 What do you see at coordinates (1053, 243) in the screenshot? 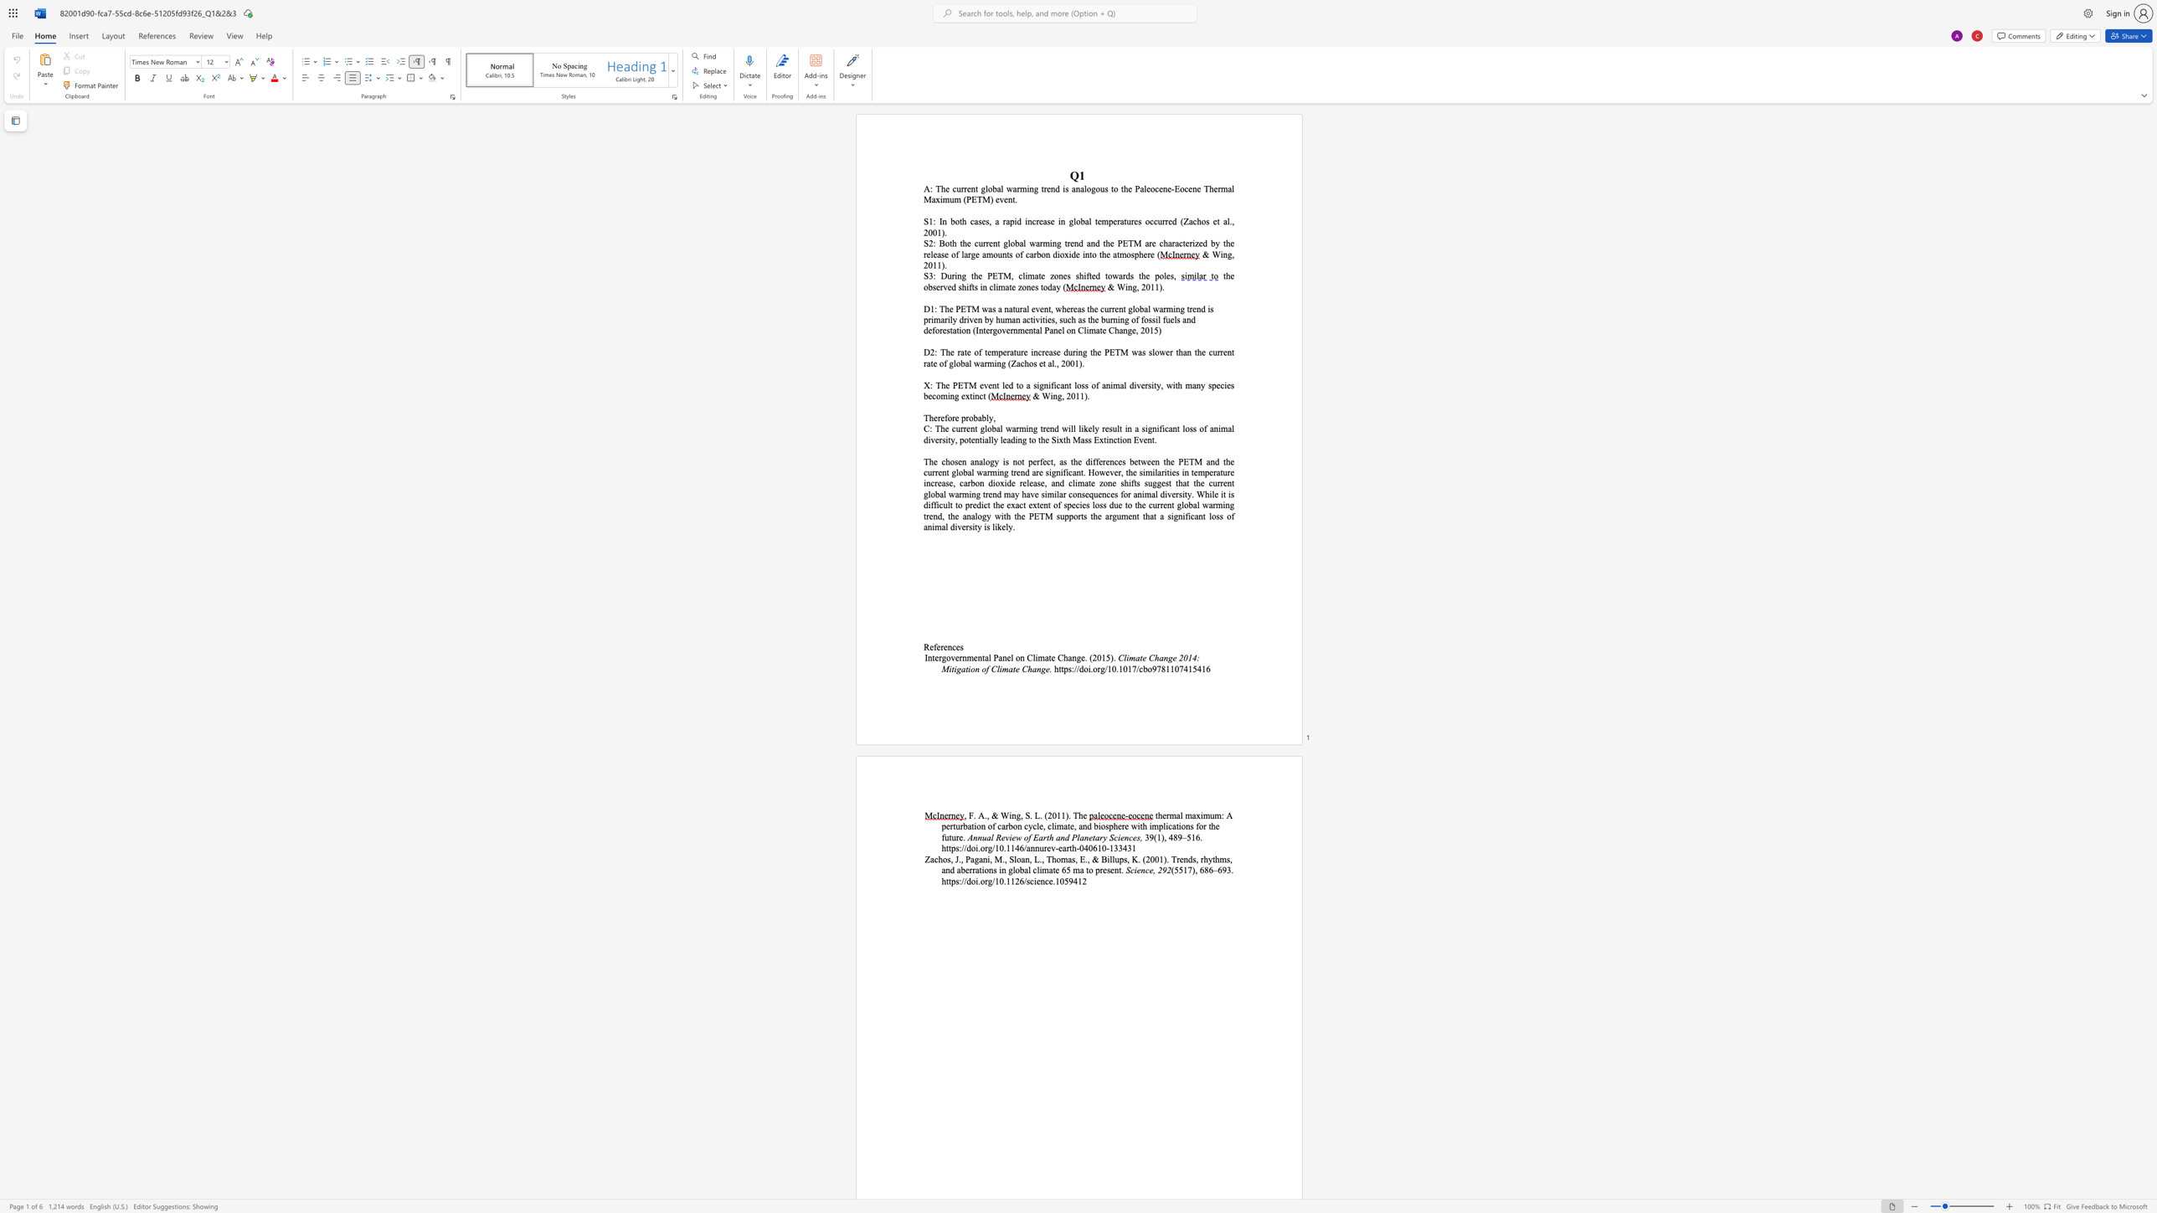
I see `the 2th character "n" in the text` at bounding box center [1053, 243].